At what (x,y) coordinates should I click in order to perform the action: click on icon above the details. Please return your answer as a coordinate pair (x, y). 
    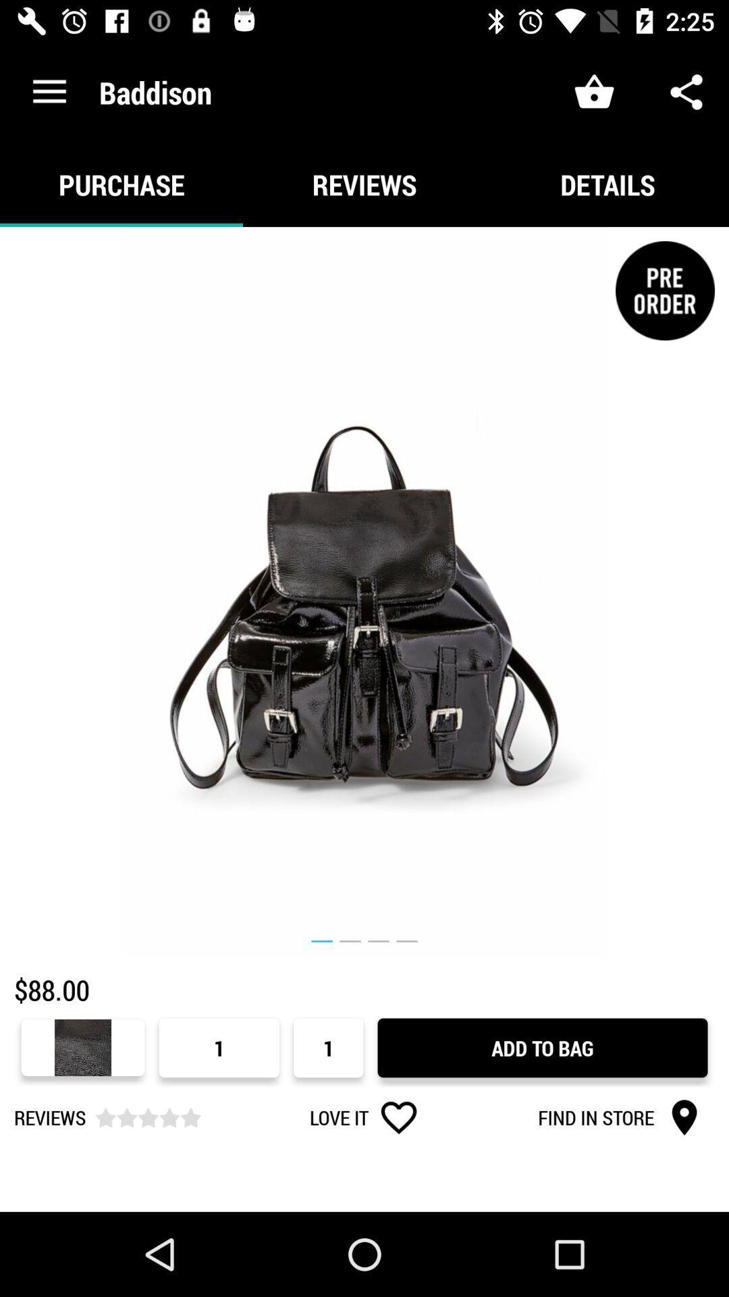
    Looking at the image, I should click on (686, 91).